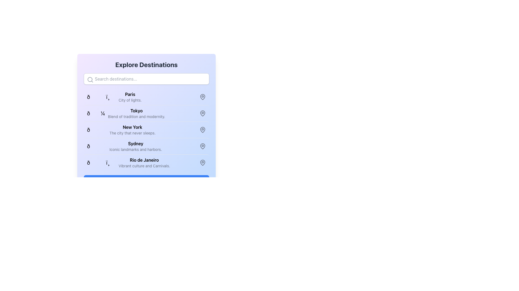  I want to click on the appearance of the location icon positioned in the third row of the list, next to 'New York', so click(202, 130).